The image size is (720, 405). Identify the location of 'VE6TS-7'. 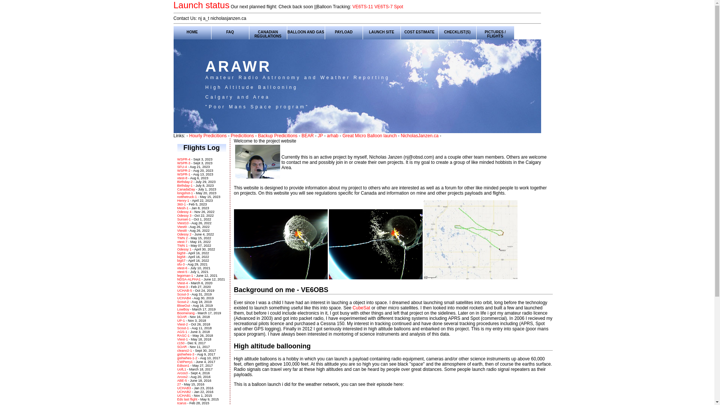
(383, 7).